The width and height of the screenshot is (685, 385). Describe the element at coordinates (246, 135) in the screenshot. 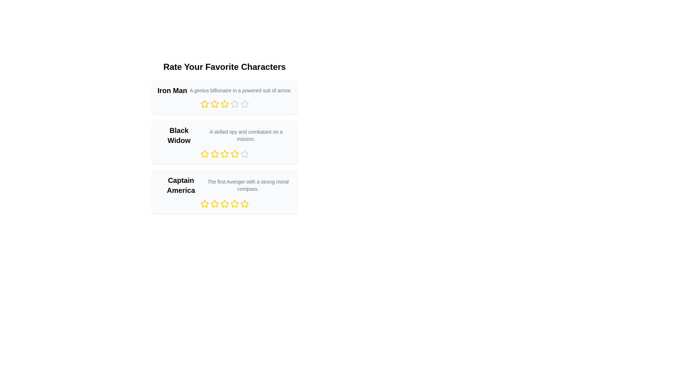

I see `the static text element stating 'A skilled spy and combatant on a mission.' which is positioned below the character name 'Black Widow.'` at that location.